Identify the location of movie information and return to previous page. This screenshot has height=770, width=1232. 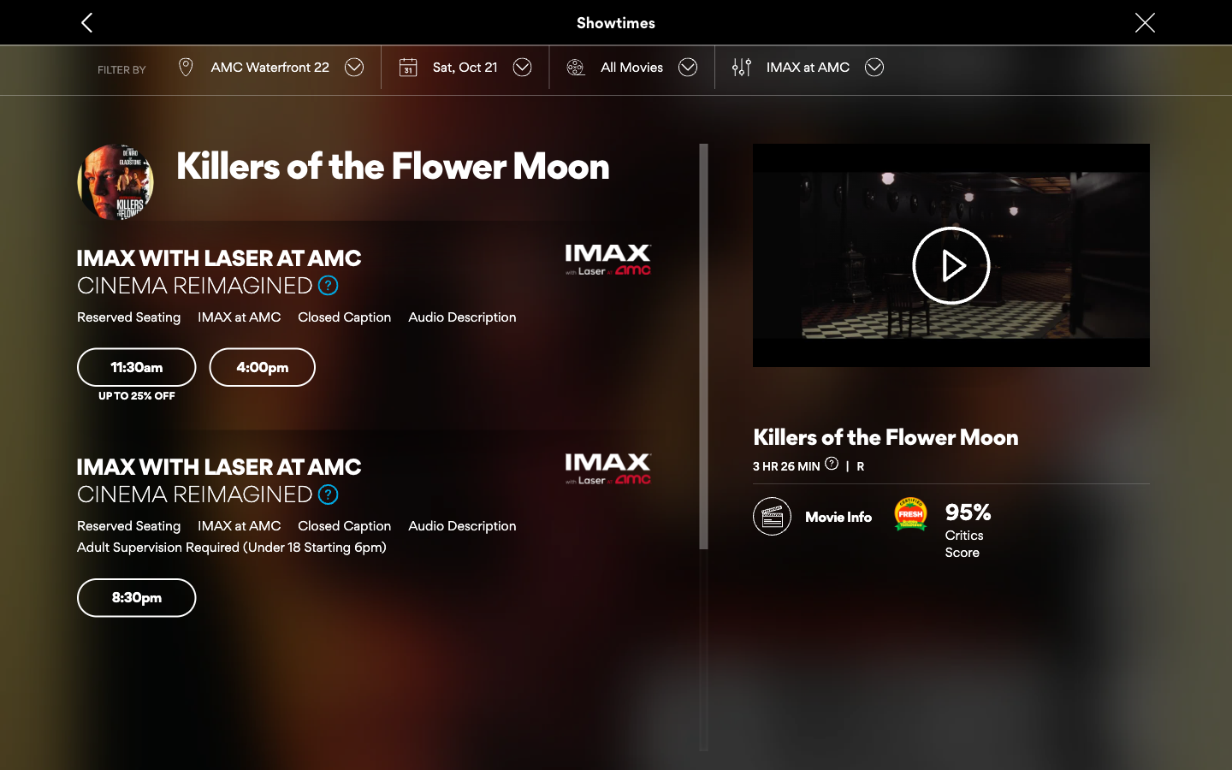
(812, 511).